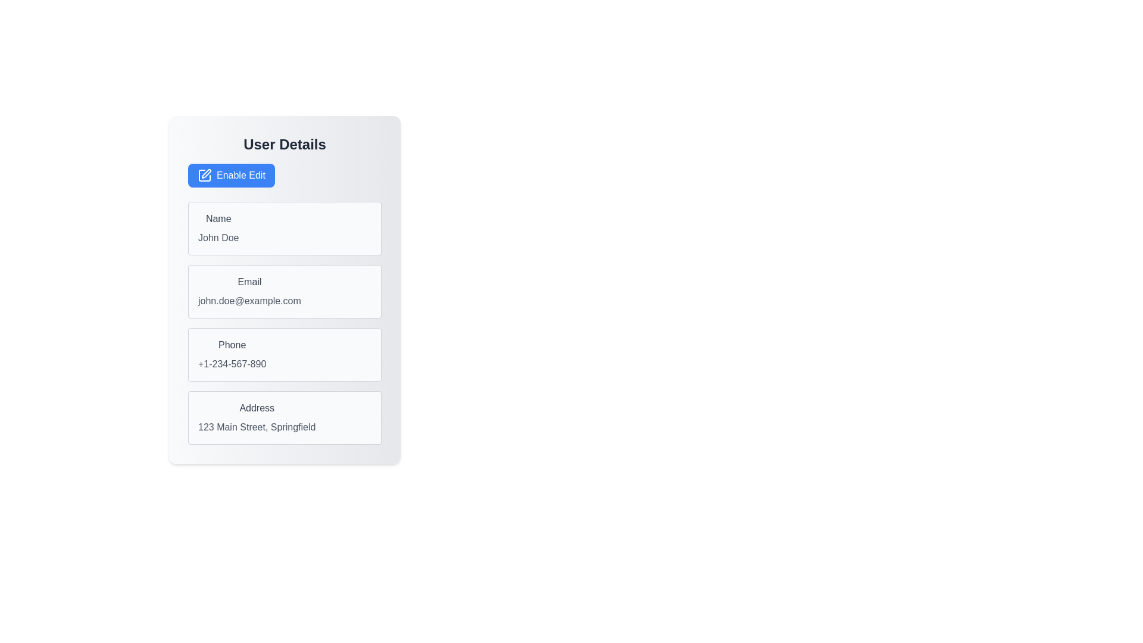 The image size is (1143, 643). Describe the element at coordinates (218, 229) in the screenshot. I see `the 'Name' text display element, which consists of 'Name' in bold and 'John Doe' in lighter gray, located in the upper left of the user information panel` at that location.